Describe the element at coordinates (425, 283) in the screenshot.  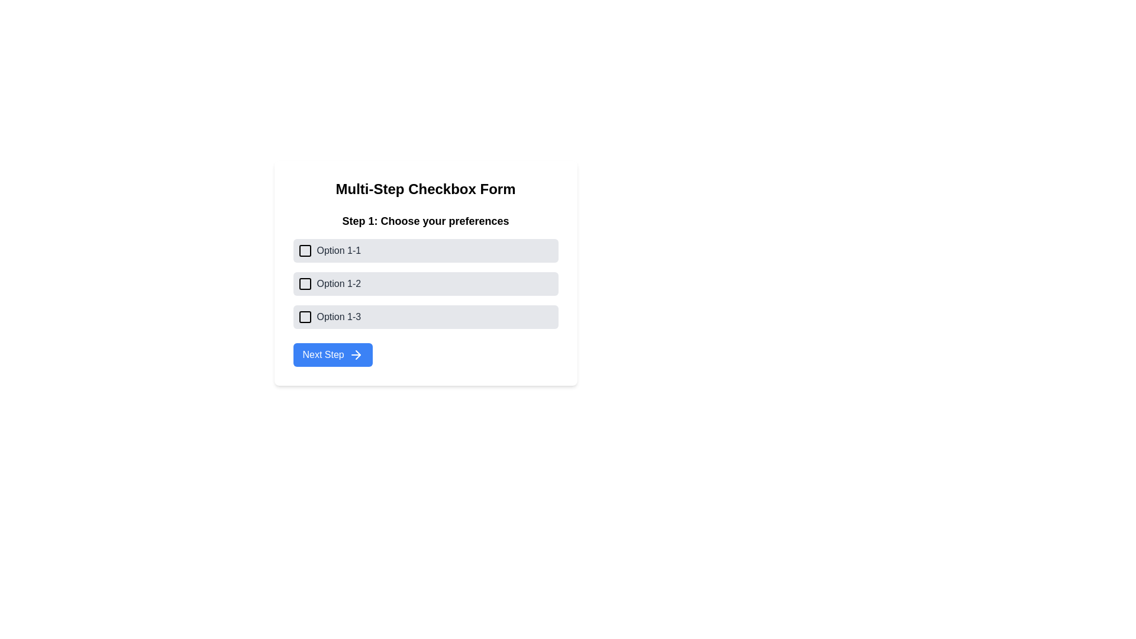
I see `the second checkbox option labeled 'Option 1-2' in the preferences selection list` at that location.